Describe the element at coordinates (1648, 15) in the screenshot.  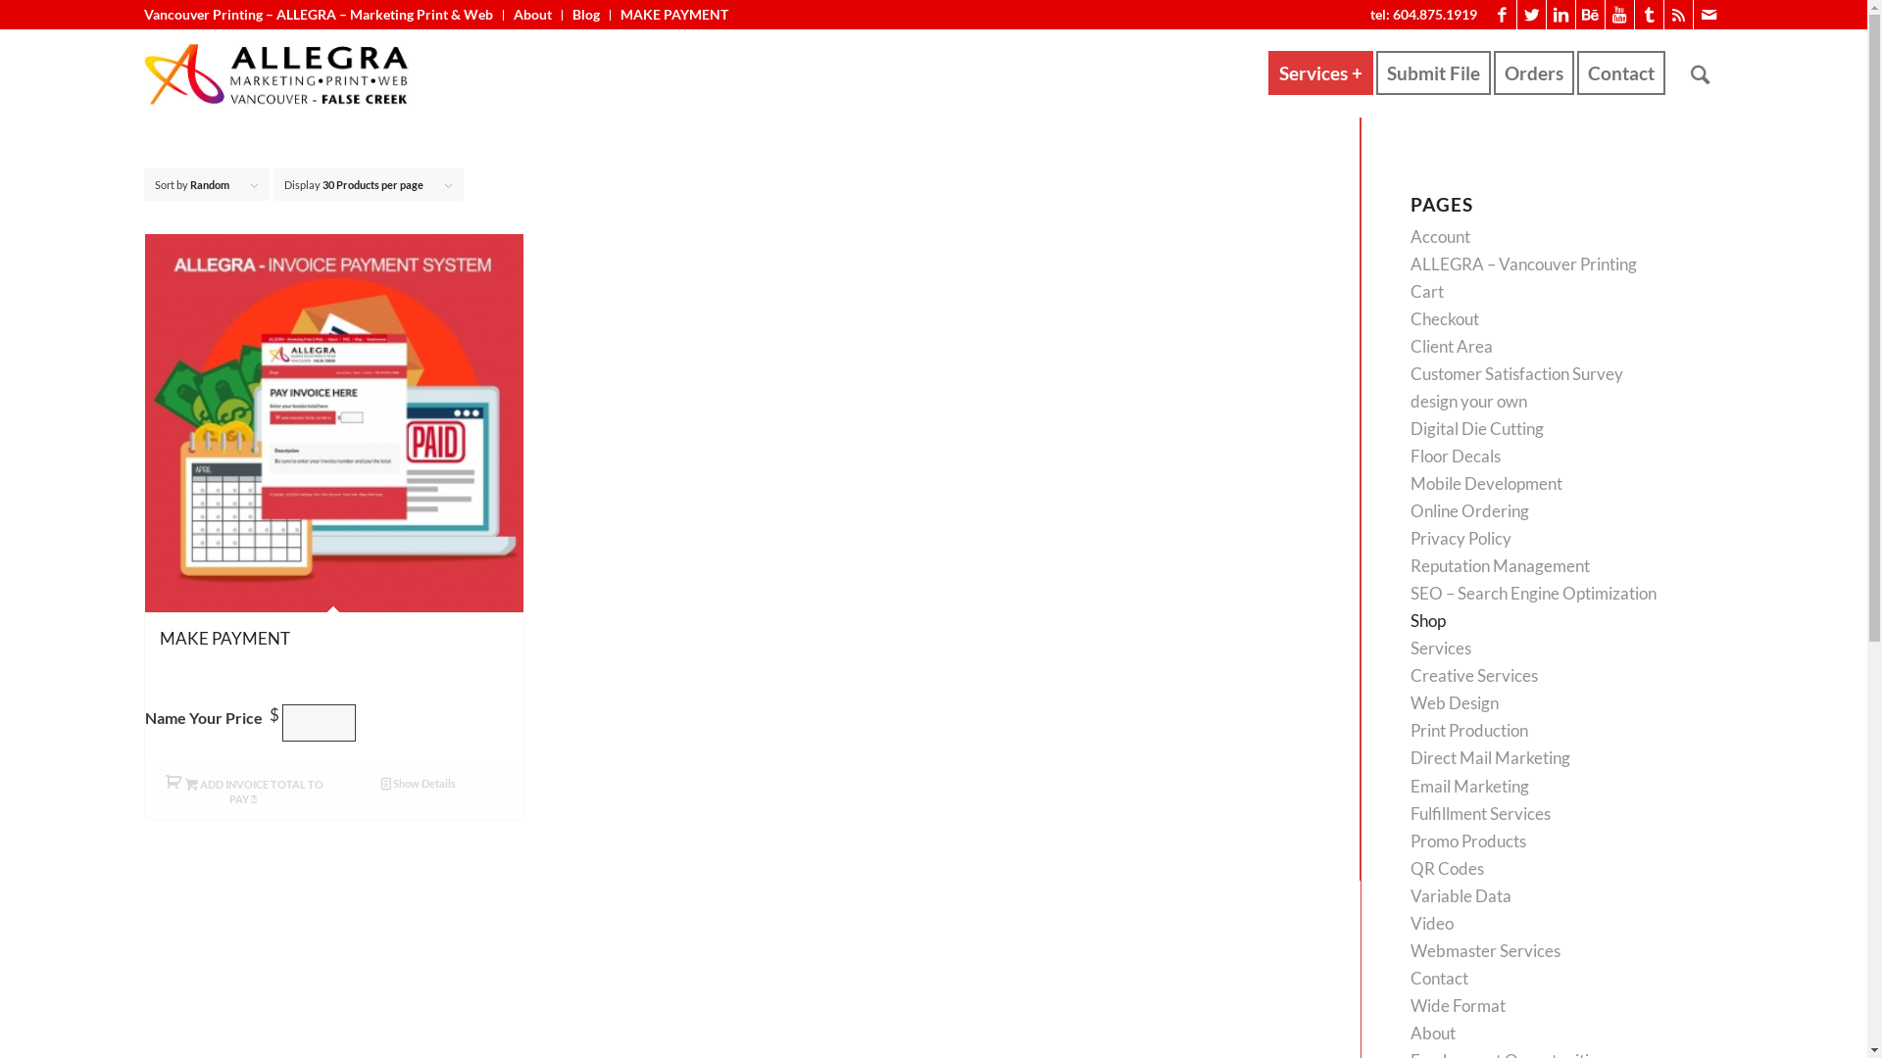
I see `'Tumblr'` at that location.